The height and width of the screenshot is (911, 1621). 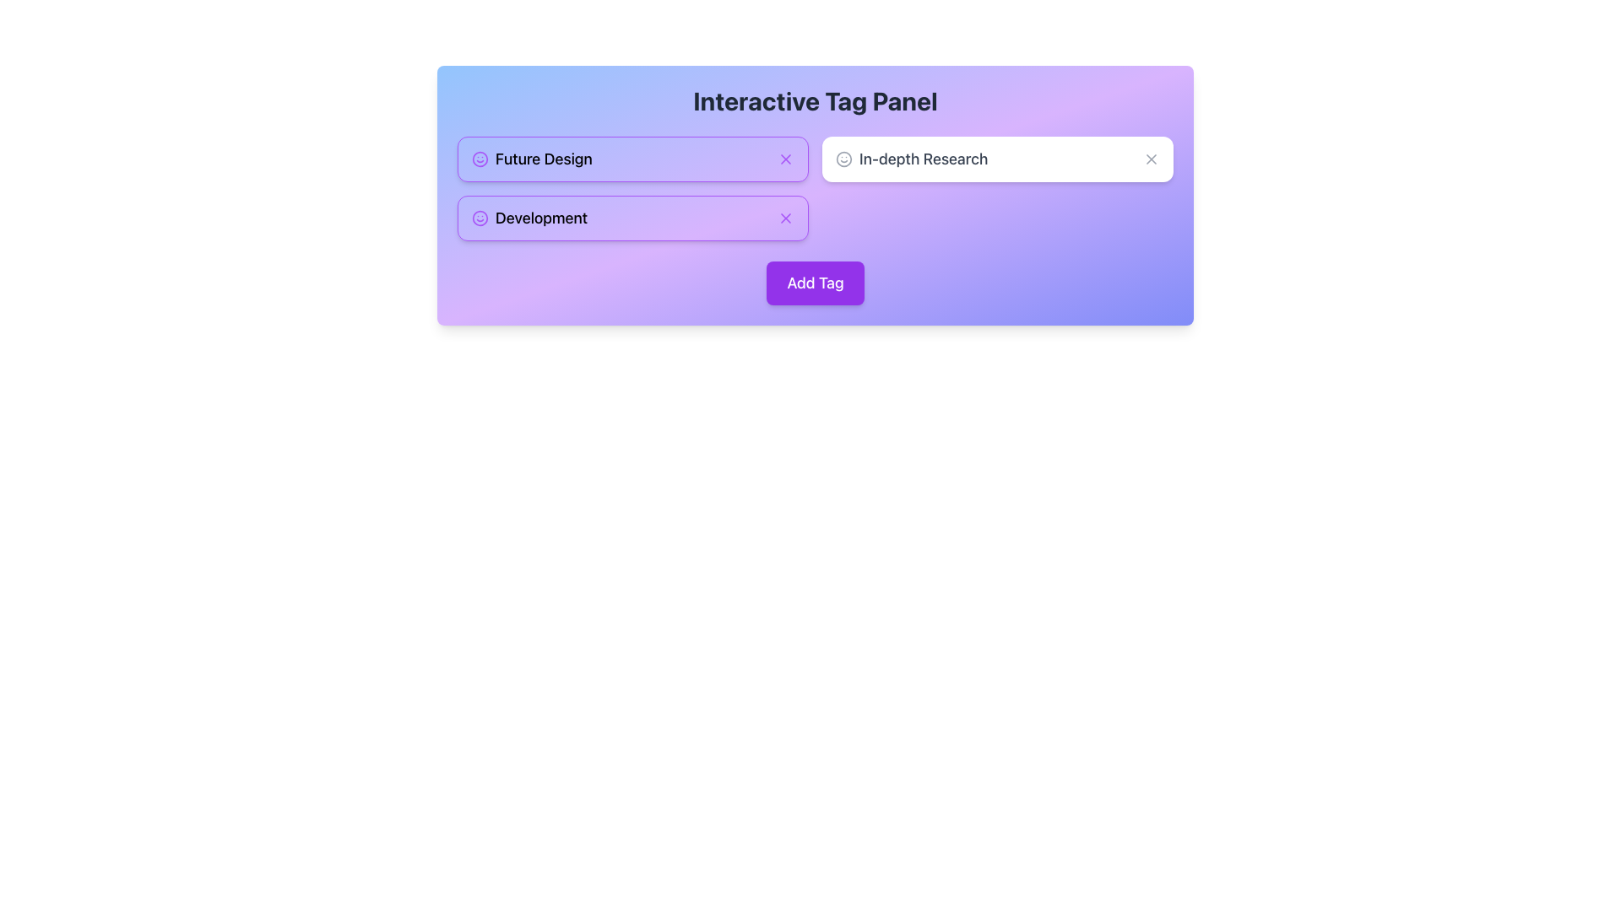 What do you see at coordinates (815, 282) in the screenshot?
I see `the 'Add Tag' button, which is a rectangular button with a purple background and white text, located centrally in the control panel for managing tags` at bounding box center [815, 282].